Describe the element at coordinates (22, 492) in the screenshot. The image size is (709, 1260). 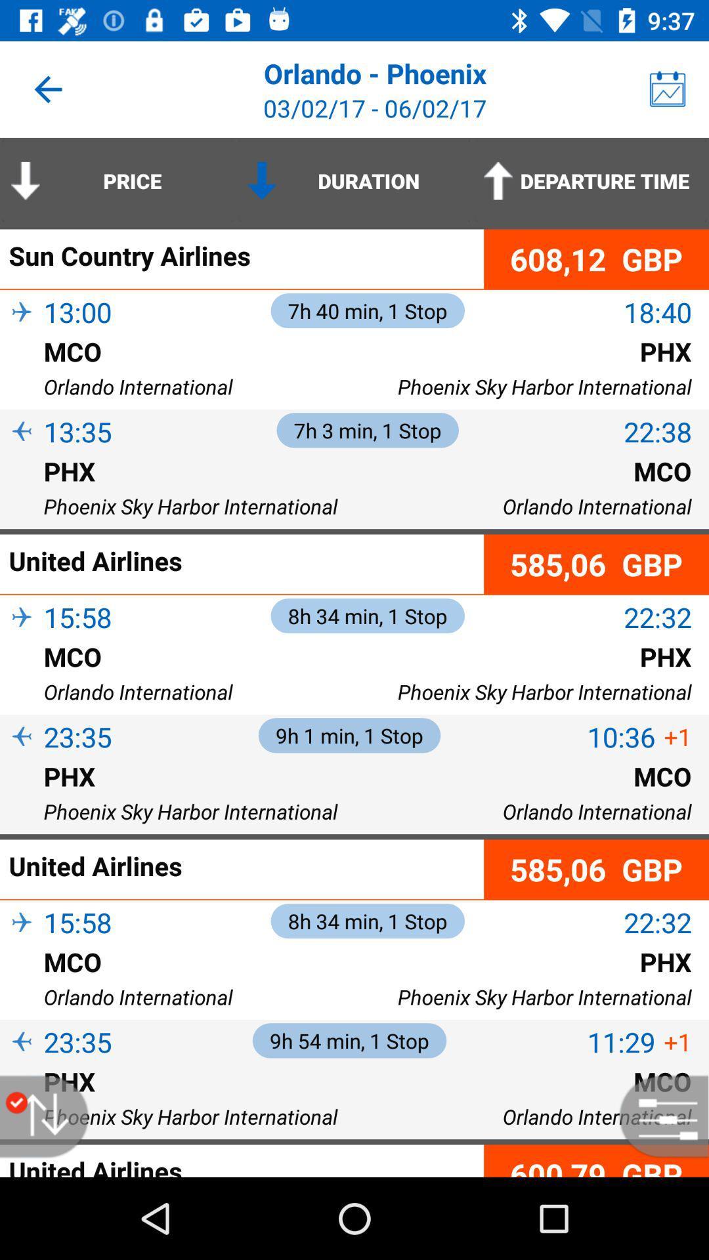
I see `item next to the phx` at that location.